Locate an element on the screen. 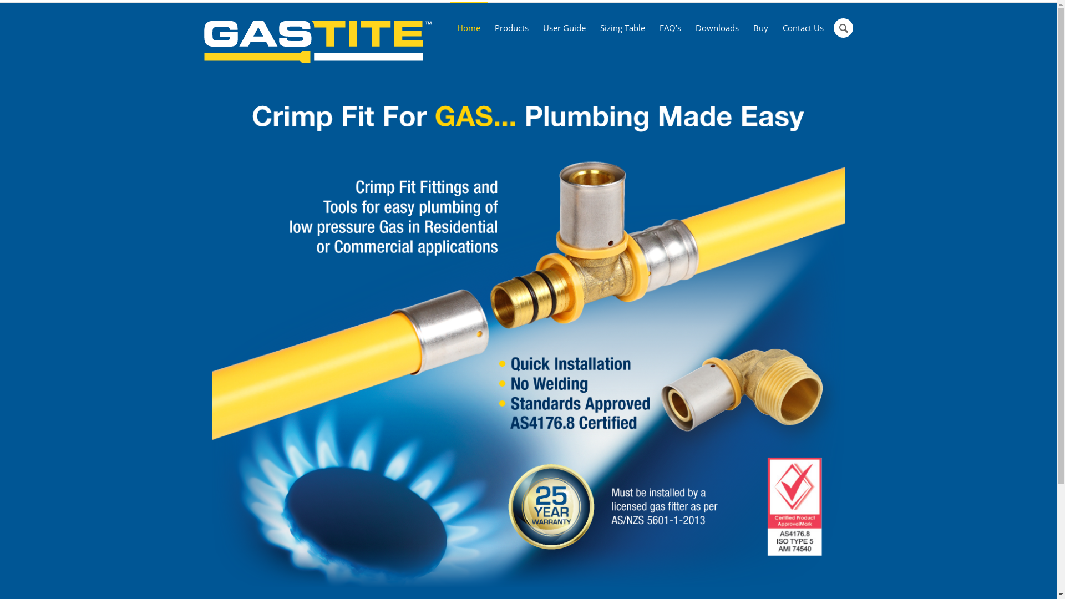 The width and height of the screenshot is (1065, 599). 'Buy' is located at coordinates (759, 25).